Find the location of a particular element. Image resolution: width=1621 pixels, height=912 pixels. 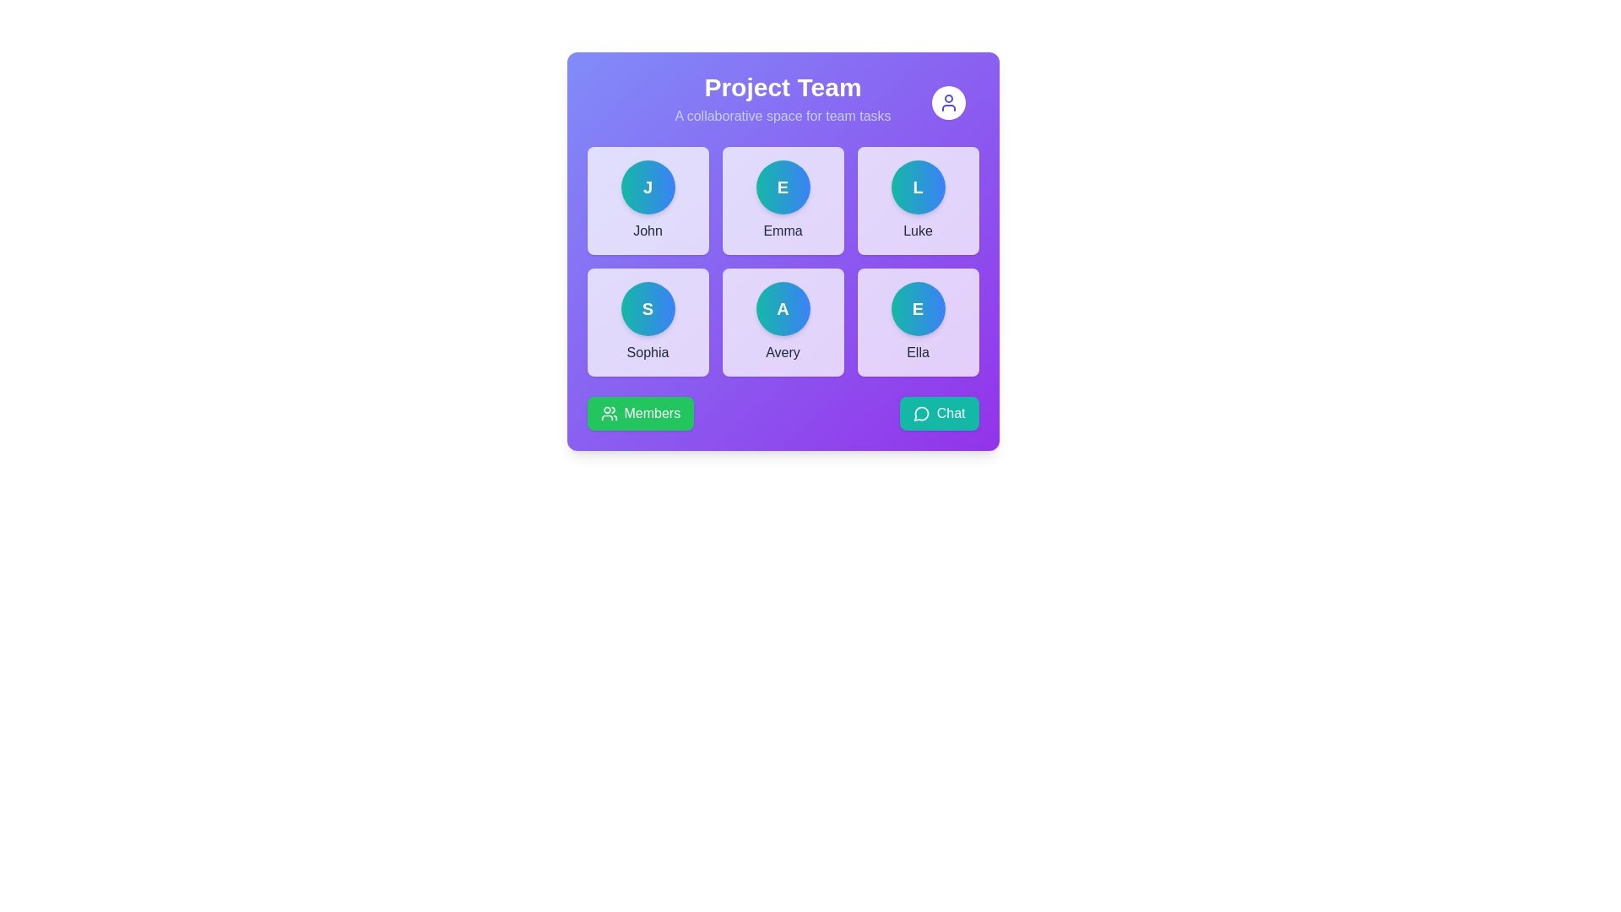

the team member icon located in the lower-left corner of the grid layout, specifically the first card in the second row of a 3x2 grid structure is located at coordinates (647, 322).